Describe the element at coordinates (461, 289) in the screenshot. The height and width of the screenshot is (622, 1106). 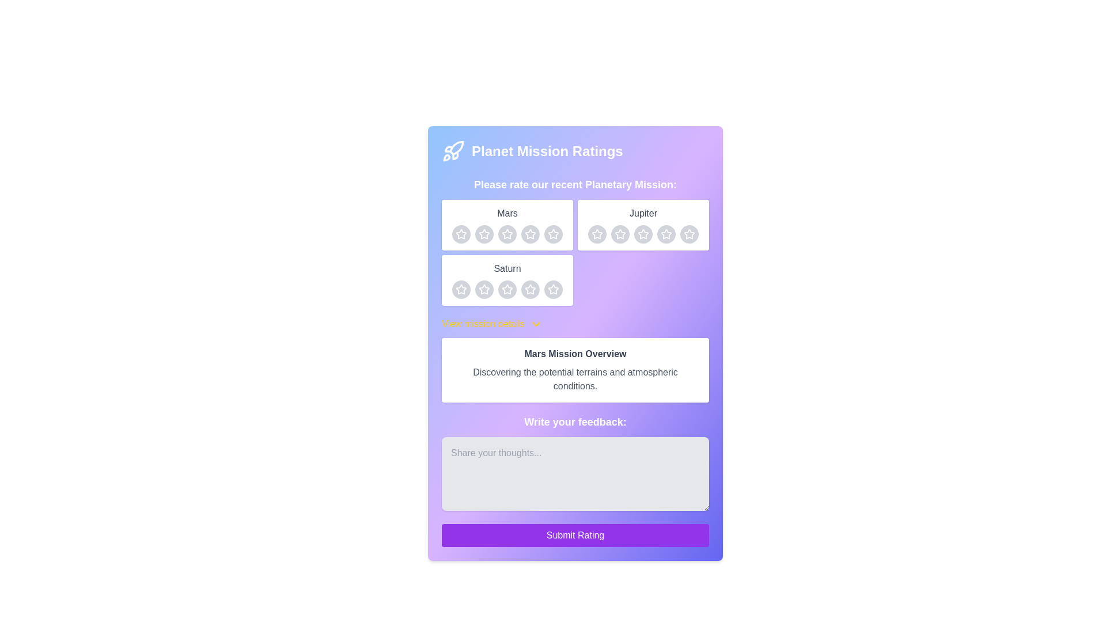
I see `the star icon in the third row of the star rating component under the label 'Saturn'` at that location.